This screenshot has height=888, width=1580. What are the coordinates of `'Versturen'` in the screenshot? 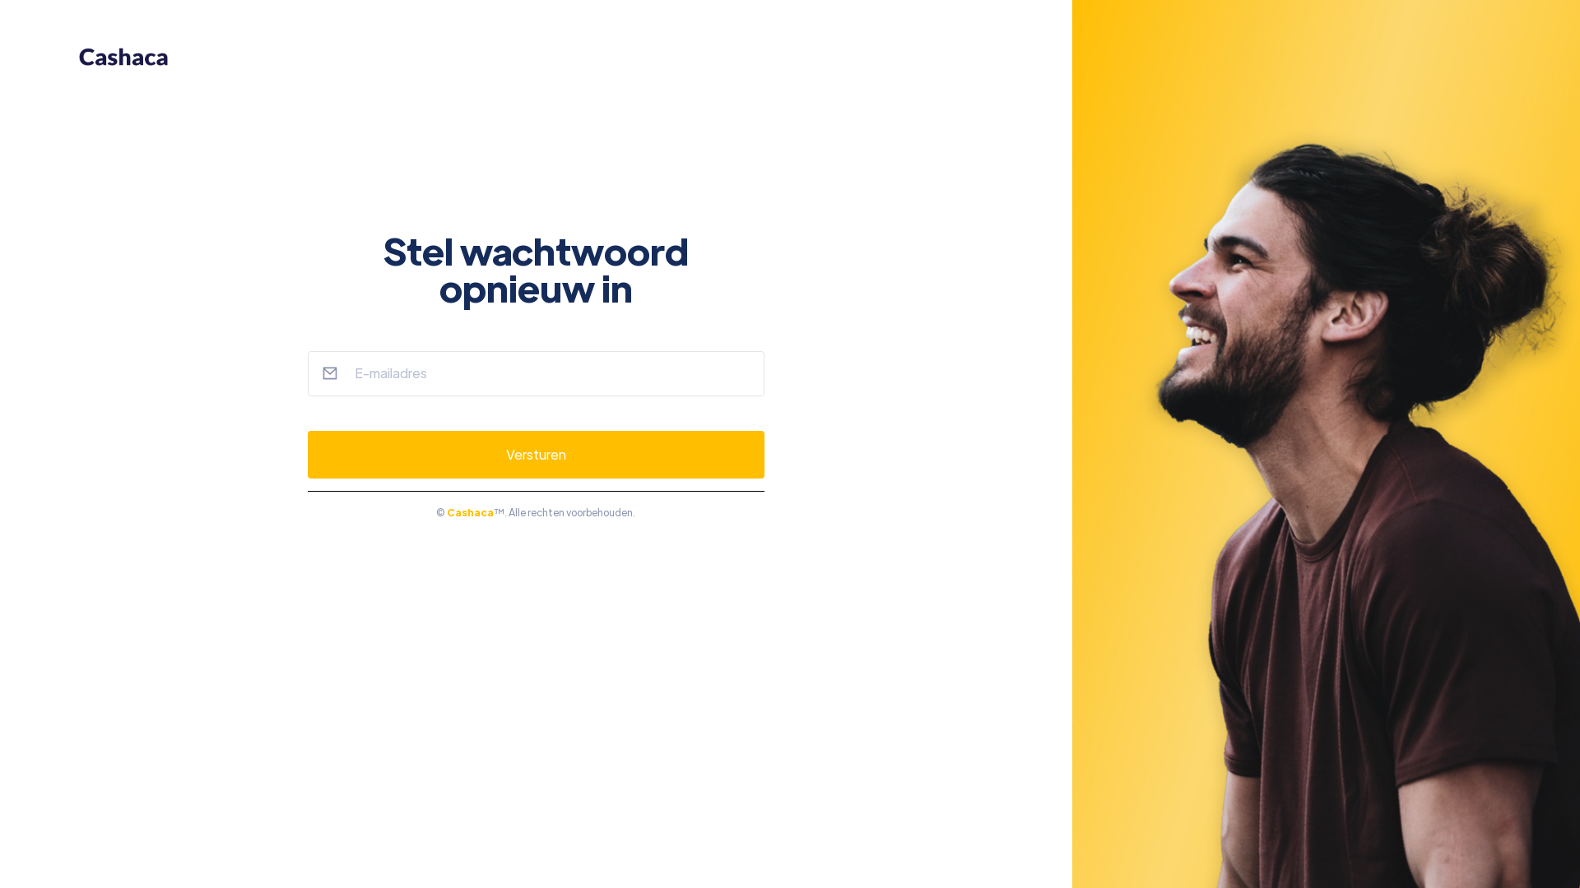 It's located at (536, 454).